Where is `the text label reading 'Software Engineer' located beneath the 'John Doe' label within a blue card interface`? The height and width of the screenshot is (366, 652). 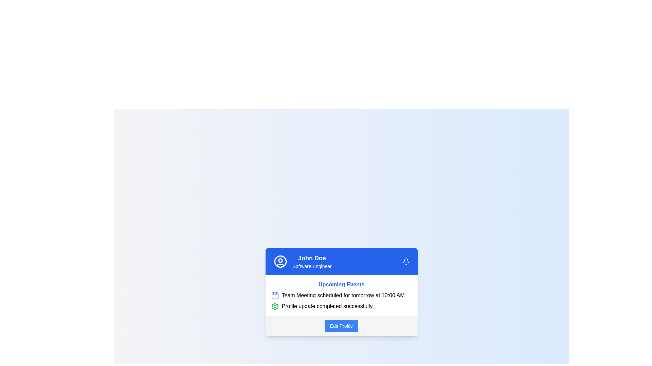
the text label reading 'Software Engineer' located beneath the 'John Doe' label within a blue card interface is located at coordinates (312, 266).